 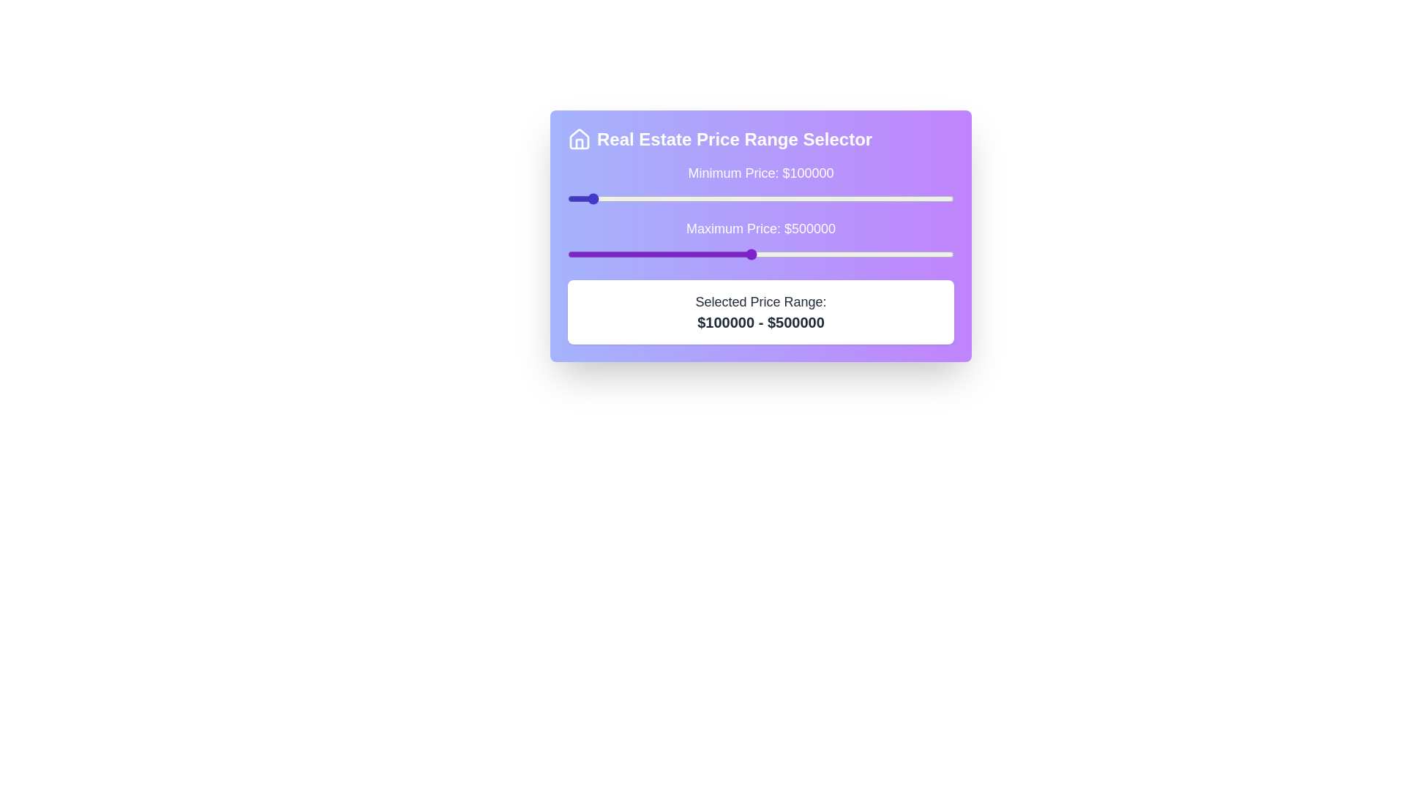 What do you see at coordinates (677, 199) in the screenshot?
I see `the minimum price slider to 320891 dollars` at bounding box center [677, 199].